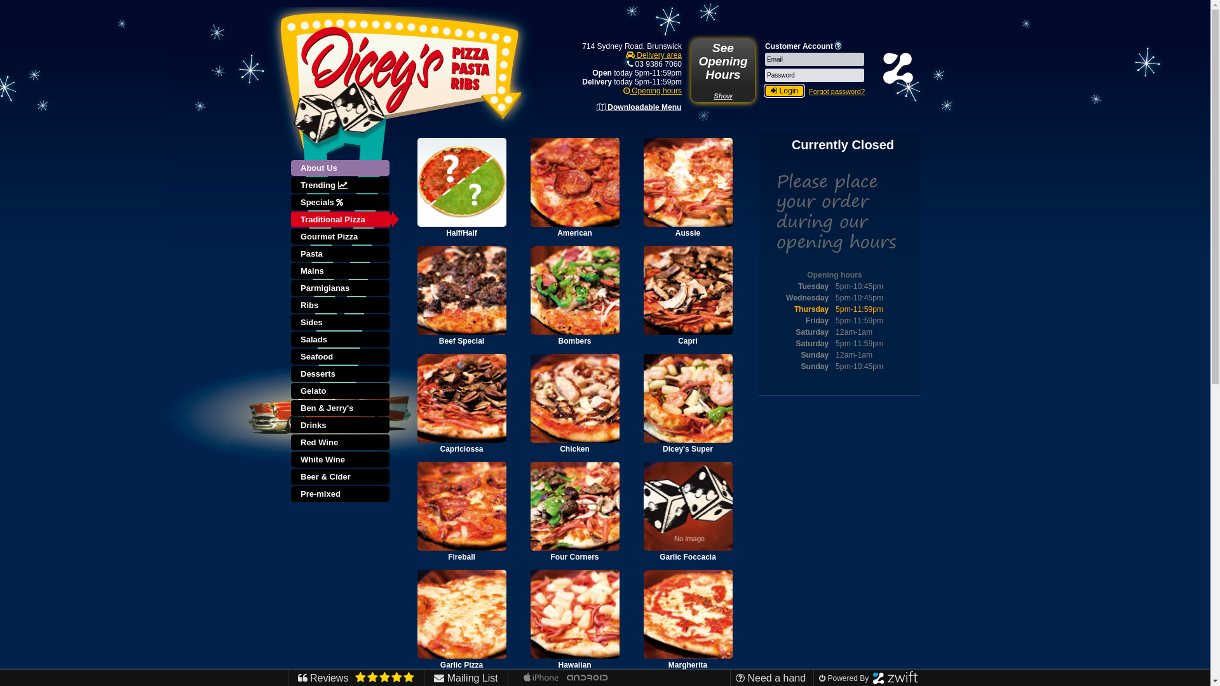 This screenshot has height=686, width=1220. What do you see at coordinates (341, 254) in the screenshot?
I see `'Pasta'` at bounding box center [341, 254].